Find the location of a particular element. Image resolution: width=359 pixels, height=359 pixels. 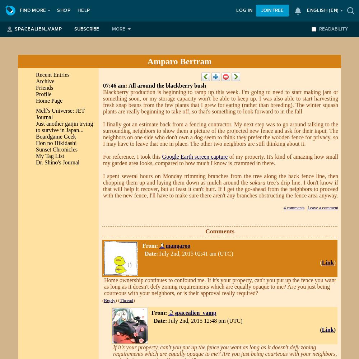

'Profile' is located at coordinates (43, 94).